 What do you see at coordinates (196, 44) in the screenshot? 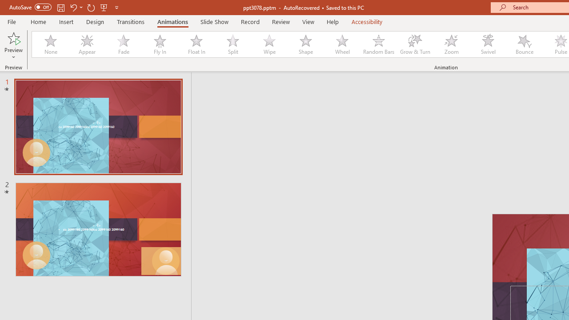
I see `'Float In'` at bounding box center [196, 44].